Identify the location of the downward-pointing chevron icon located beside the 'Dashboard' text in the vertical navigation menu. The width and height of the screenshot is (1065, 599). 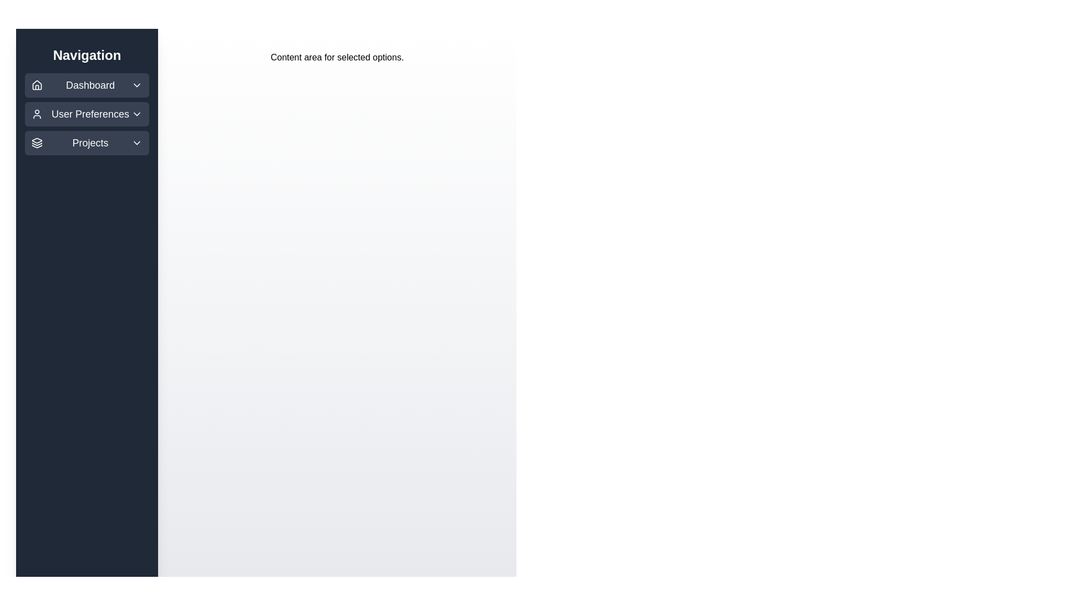
(136, 85).